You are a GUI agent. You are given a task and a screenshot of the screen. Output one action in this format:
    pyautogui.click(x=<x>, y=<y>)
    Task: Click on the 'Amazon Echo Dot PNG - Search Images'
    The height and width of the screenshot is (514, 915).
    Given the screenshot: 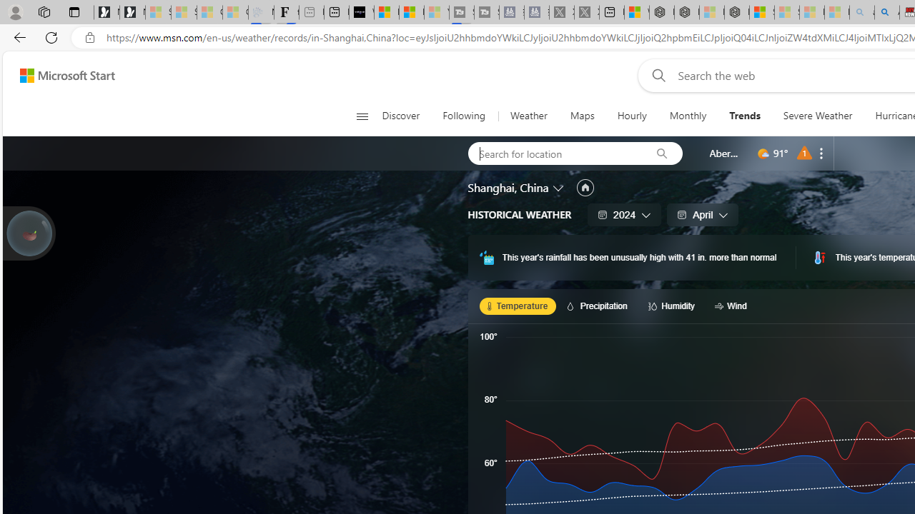 What is the action you would take?
    pyautogui.click(x=886, y=12)
    